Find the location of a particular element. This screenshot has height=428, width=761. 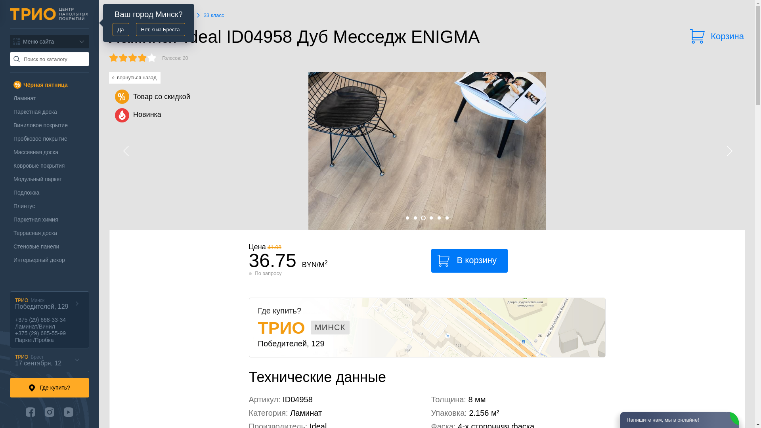

'TrioPol' is located at coordinates (48, 14).